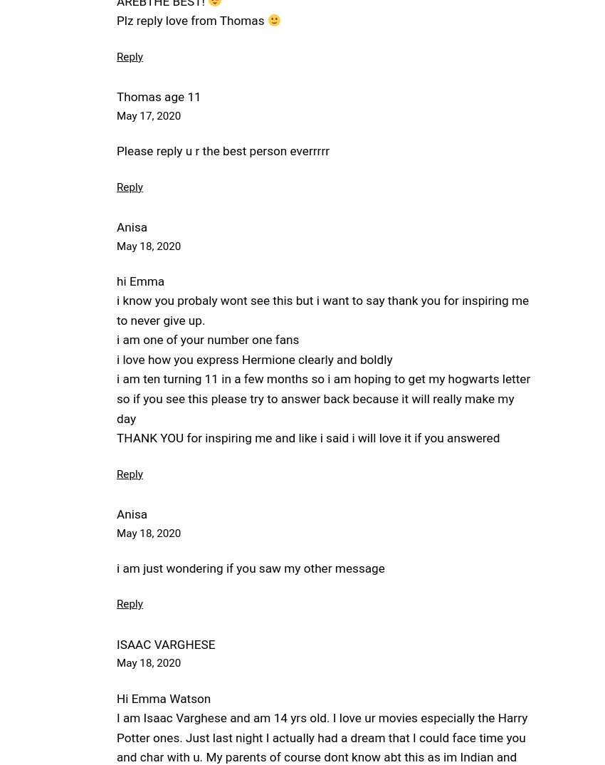  Describe the element at coordinates (315, 407) in the screenshot. I see `'so if you see this please try to answer back because it will really make my day'` at that location.